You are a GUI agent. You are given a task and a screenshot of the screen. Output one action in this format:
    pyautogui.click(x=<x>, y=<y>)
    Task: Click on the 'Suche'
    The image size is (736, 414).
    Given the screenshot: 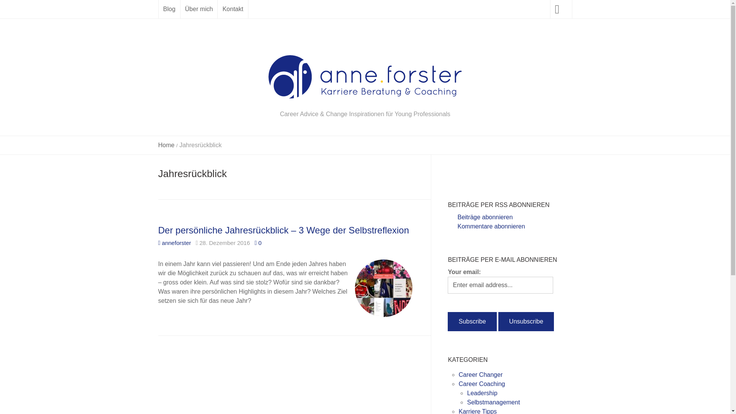 What is the action you would take?
    pyautogui.click(x=11, y=9)
    